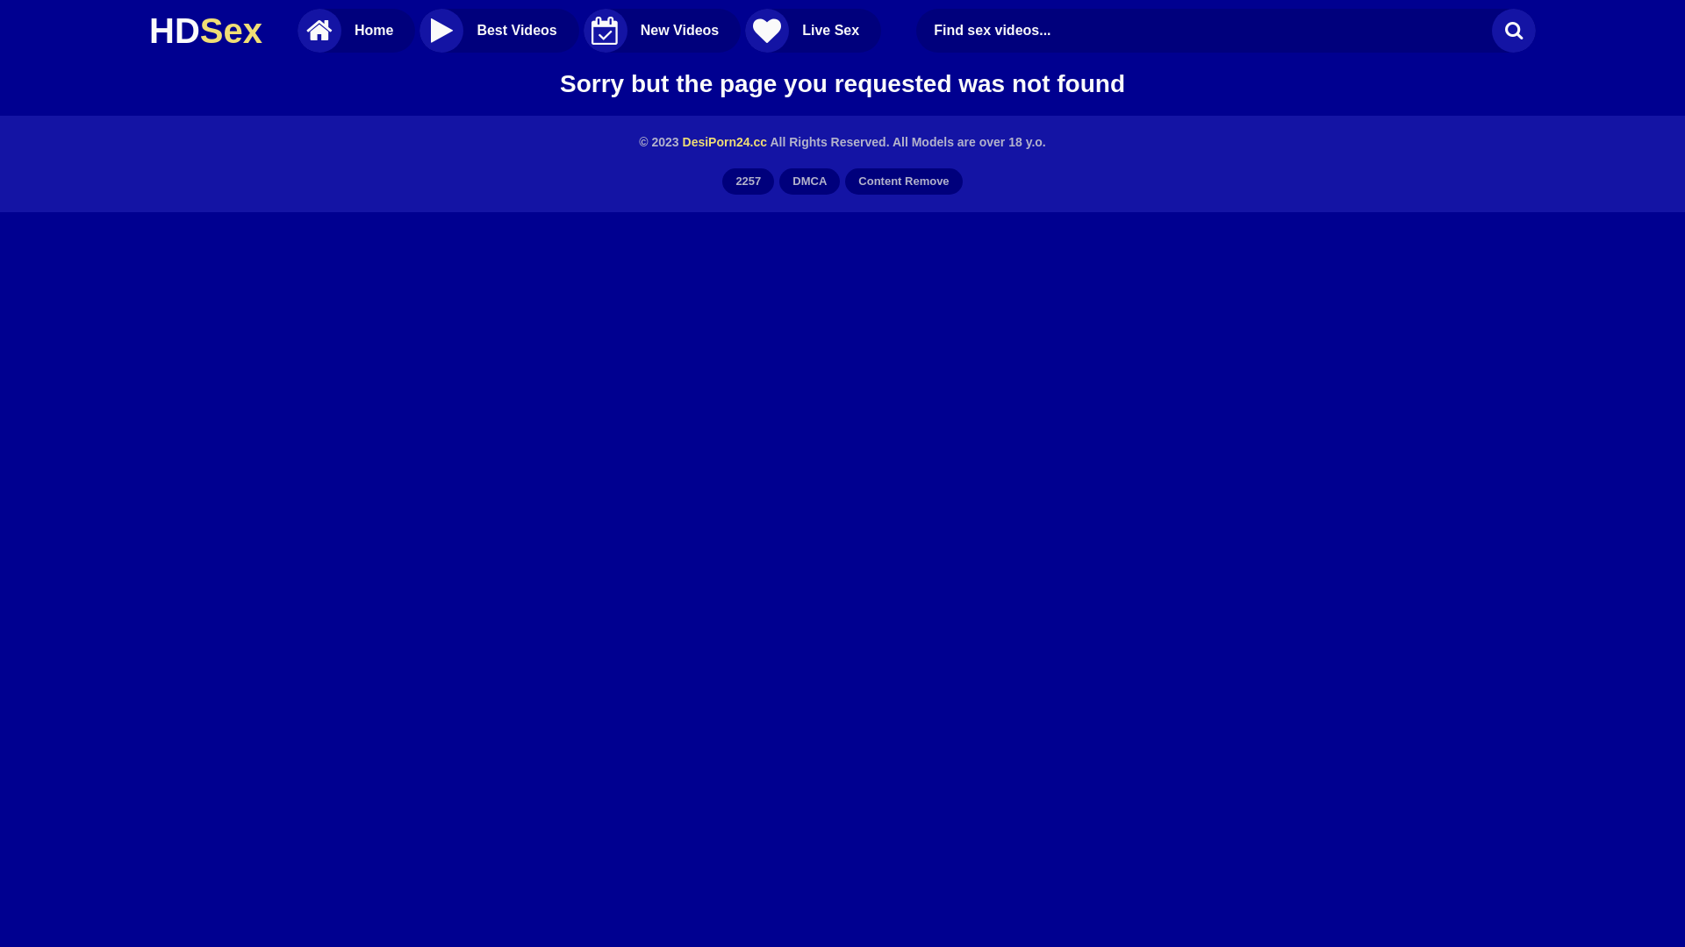 The height and width of the screenshot is (947, 1685). Describe the element at coordinates (903, 182) in the screenshot. I see `'Content Remove'` at that location.